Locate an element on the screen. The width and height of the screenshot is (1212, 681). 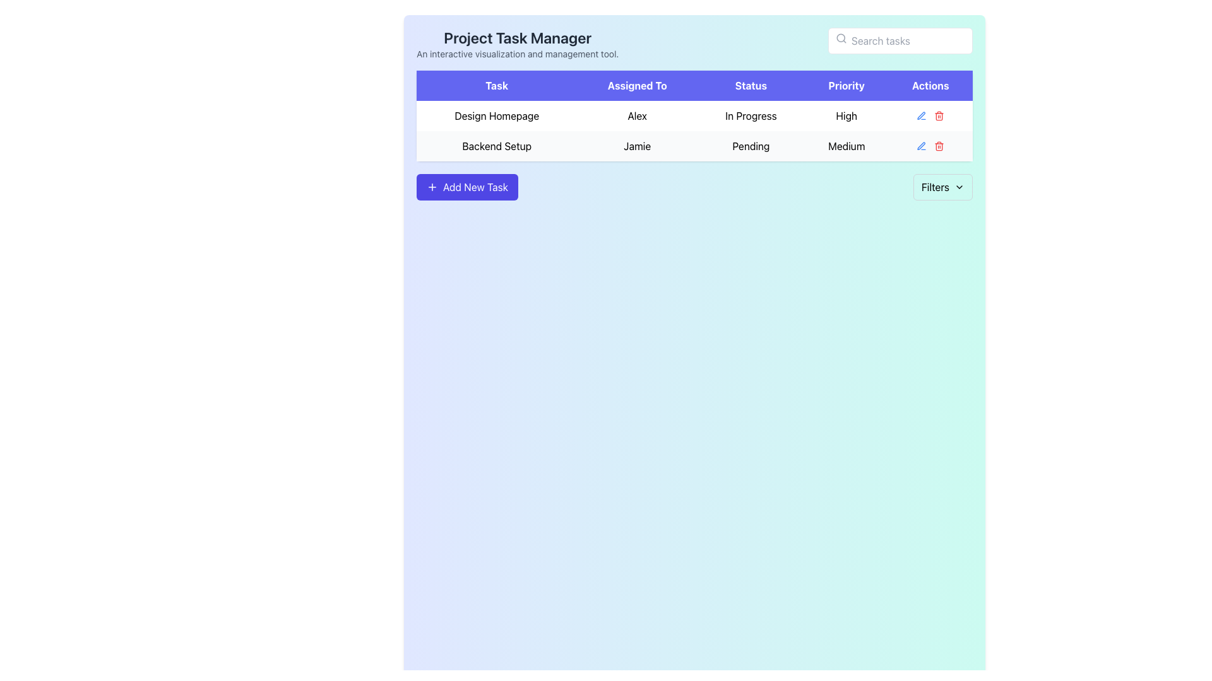
the static text label reading 'Project Task Manager', which is styled with a larger and bold font weight, positioned near the top-left corner of the interface is located at coordinates (518, 37).